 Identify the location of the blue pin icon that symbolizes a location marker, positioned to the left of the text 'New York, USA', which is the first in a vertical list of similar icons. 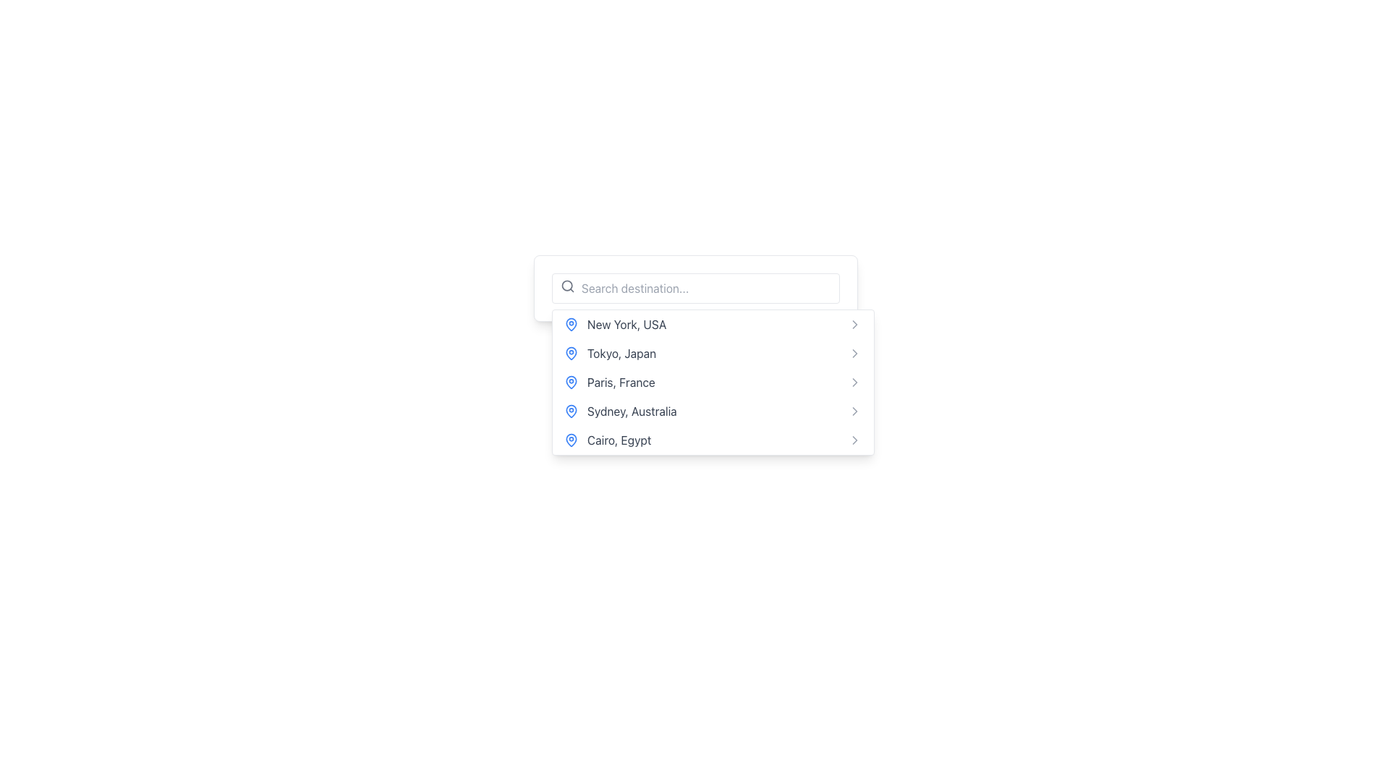
(571, 323).